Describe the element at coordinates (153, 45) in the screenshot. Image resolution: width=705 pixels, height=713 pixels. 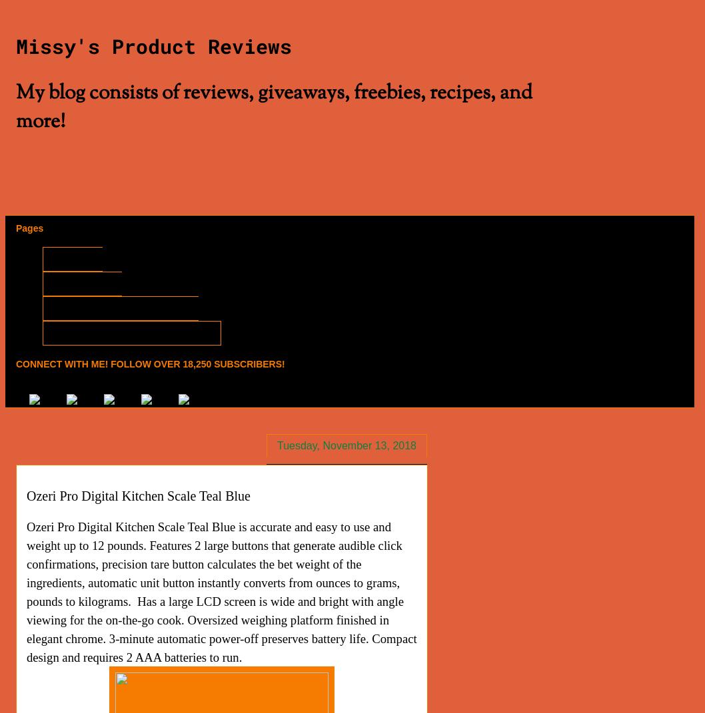
I see `'Missy's Product Reviews'` at that location.